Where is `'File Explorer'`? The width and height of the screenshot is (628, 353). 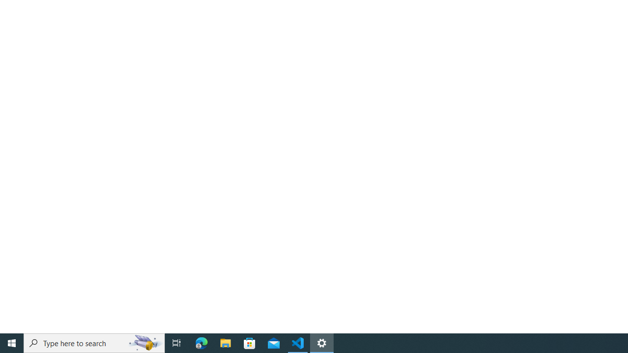
'File Explorer' is located at coordinates (225, 342).